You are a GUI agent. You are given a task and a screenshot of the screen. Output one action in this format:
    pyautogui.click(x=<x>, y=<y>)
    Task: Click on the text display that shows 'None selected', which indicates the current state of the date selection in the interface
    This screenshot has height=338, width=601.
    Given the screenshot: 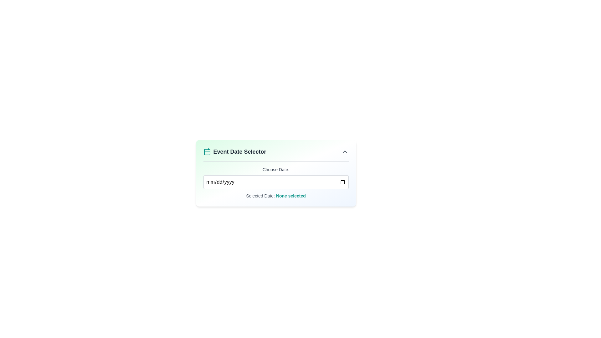 What is the action you would take?
    pyautogui.click(x=290, y=195)
    